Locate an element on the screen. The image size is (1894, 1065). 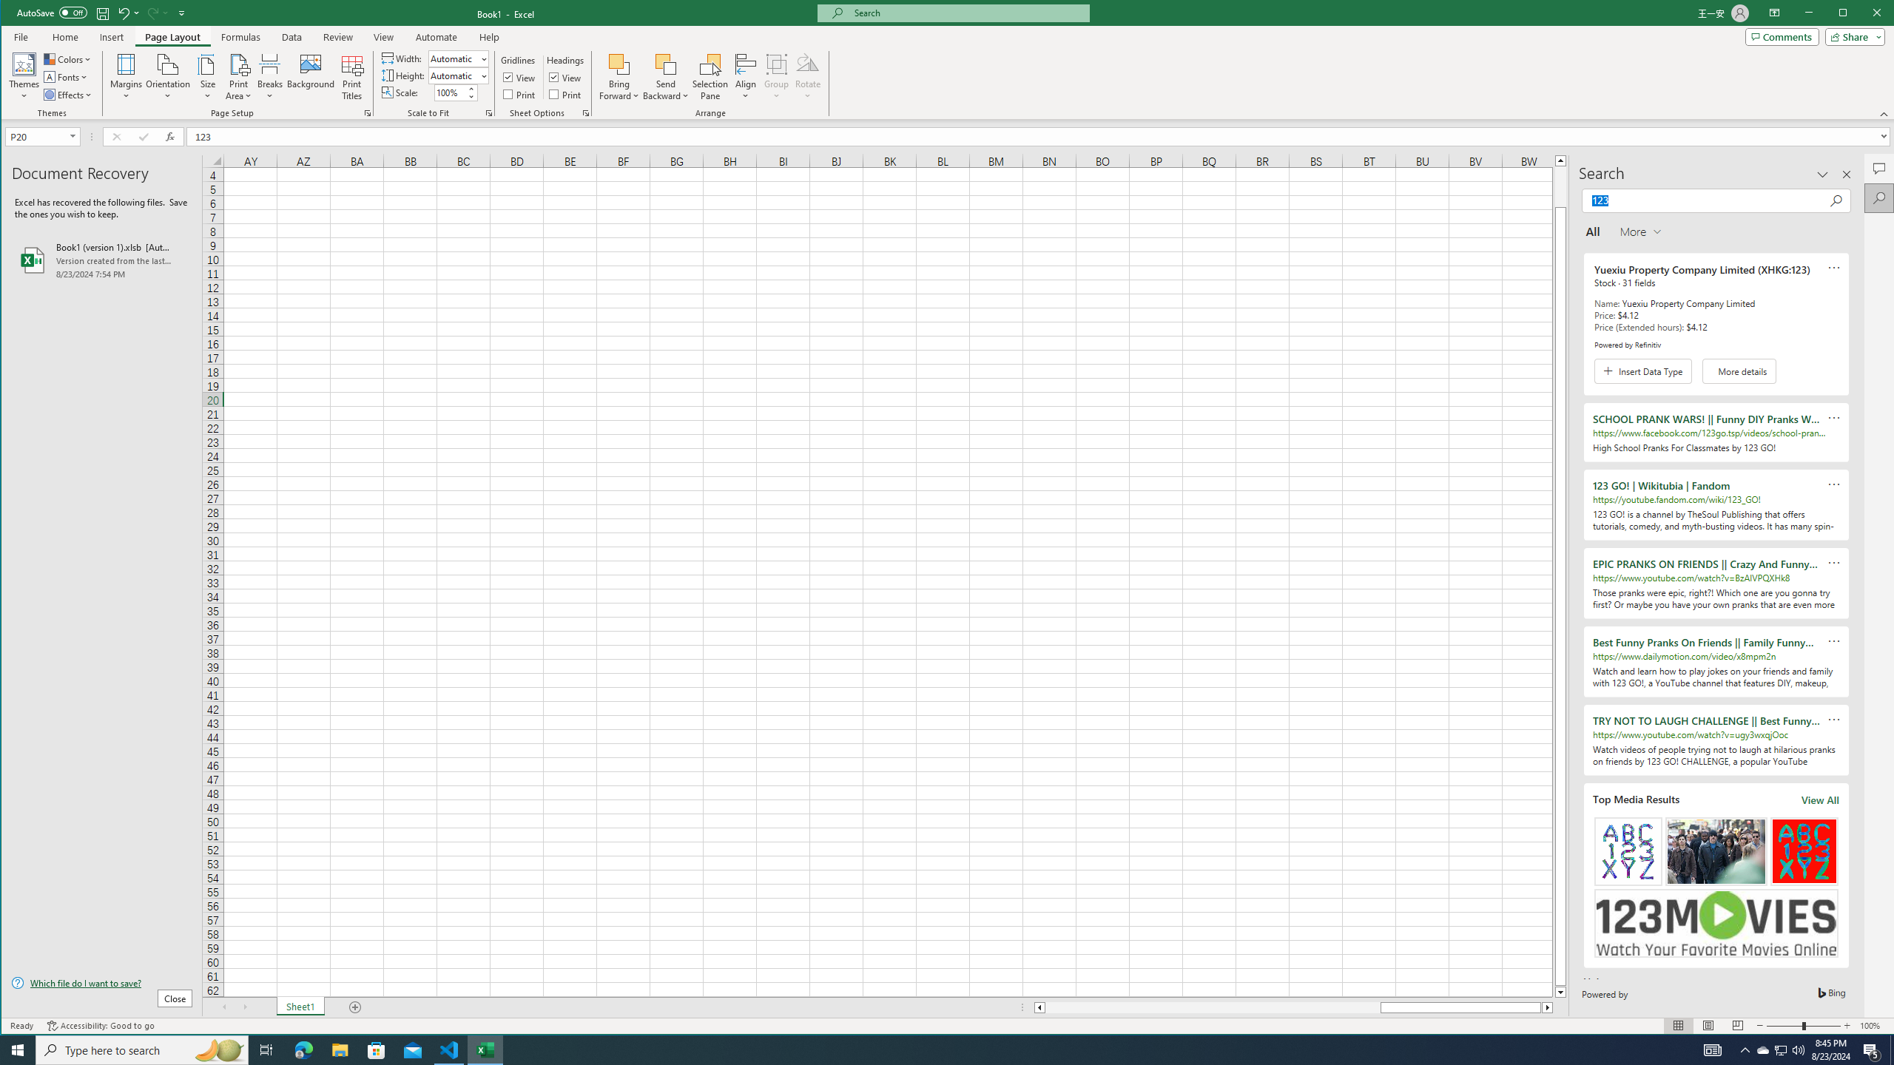
'Page left' is located at coordinates (1212, 1007).